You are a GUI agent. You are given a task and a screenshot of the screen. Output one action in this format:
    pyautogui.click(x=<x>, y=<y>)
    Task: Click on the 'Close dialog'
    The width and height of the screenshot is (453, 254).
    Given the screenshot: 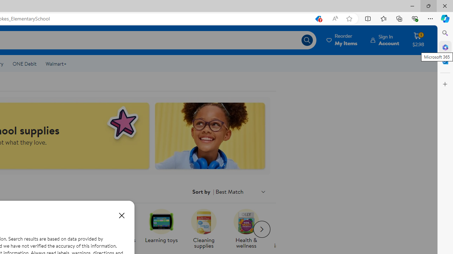 What is the action you would take?
    pyautogui.click(x=121, y=215)
    